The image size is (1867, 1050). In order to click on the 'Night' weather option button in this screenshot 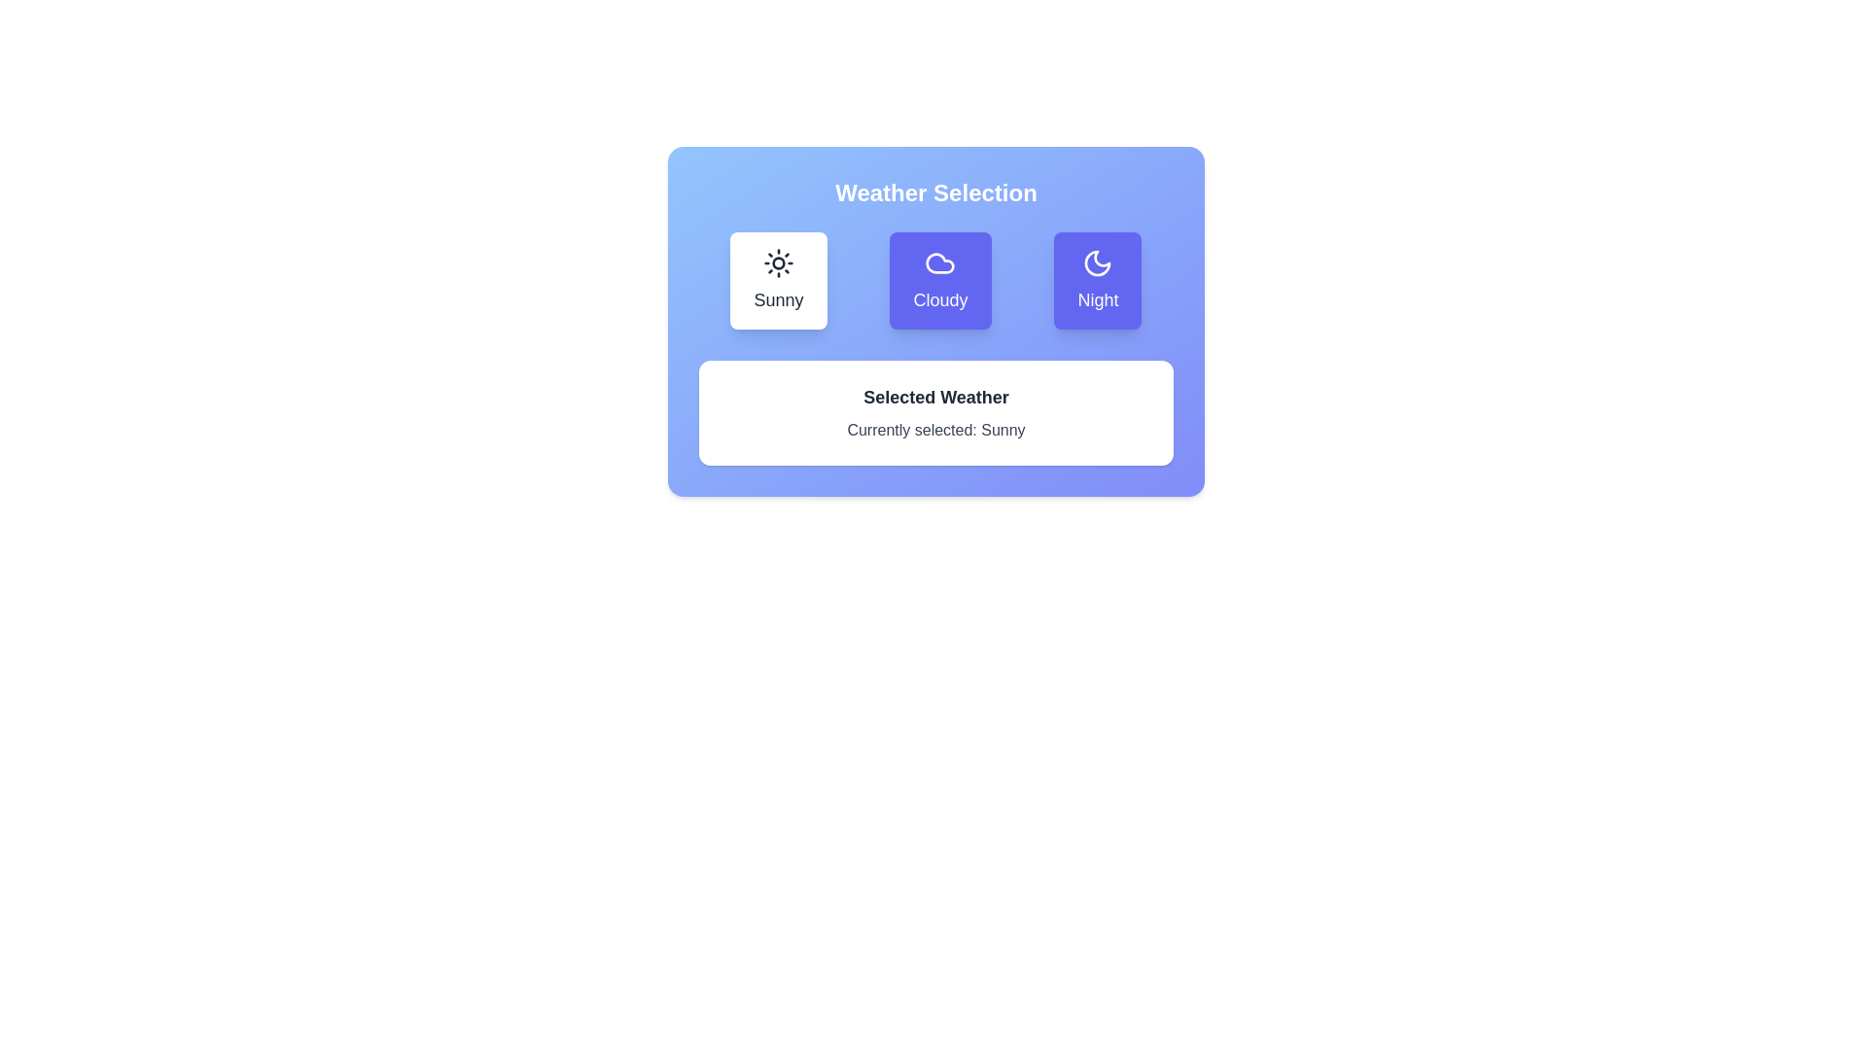, I will do `click(1097, 281)`.